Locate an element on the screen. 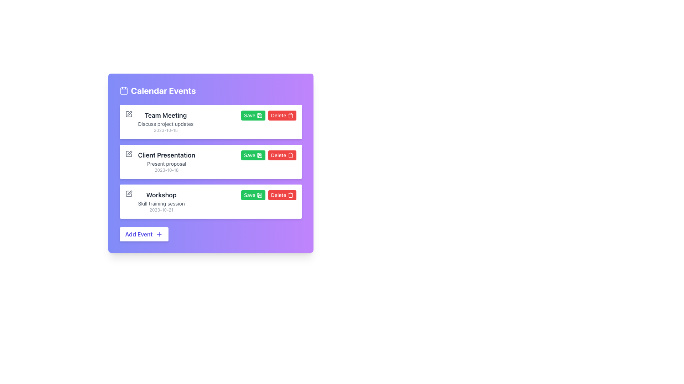 Image resolution: width=684 pixels, height=384 pixels. the red trash can icon located at the right end of the 'Delete' button in the action panel for the 'Workshop' event is located at coordinates (290, 195).